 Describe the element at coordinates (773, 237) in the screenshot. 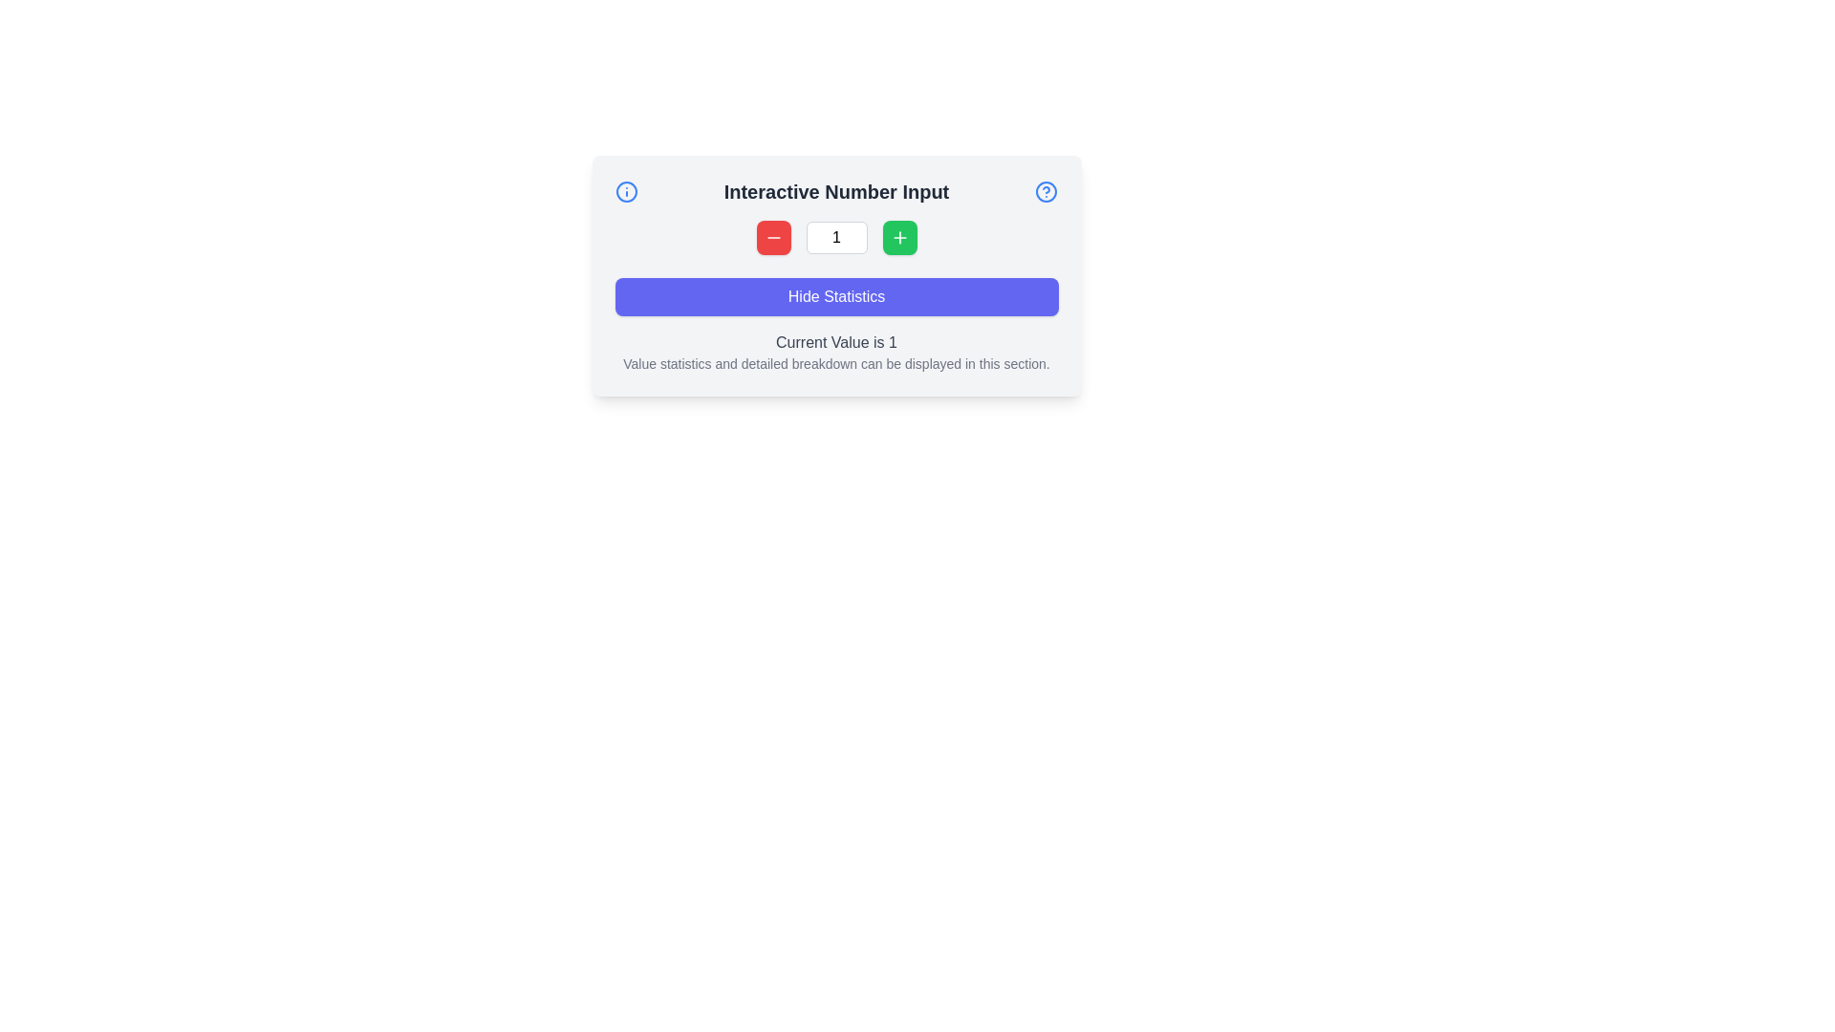

I see `the red square button with rounded corners and a minus symbol (-) to decrease the value` at that location.